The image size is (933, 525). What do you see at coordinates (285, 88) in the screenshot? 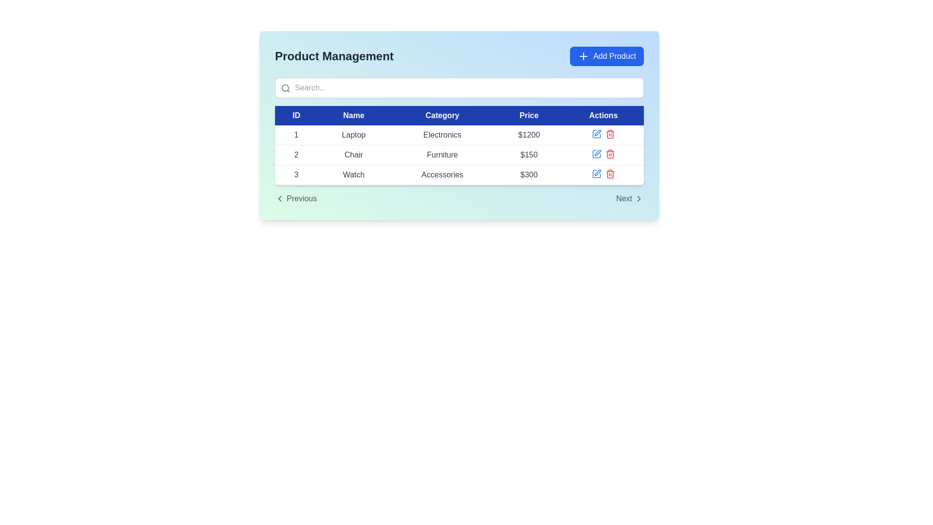
I see `the circular component within the magnifying glass icon located in the top-left corner of the search bar above the table` at bounding box center [285, 88].